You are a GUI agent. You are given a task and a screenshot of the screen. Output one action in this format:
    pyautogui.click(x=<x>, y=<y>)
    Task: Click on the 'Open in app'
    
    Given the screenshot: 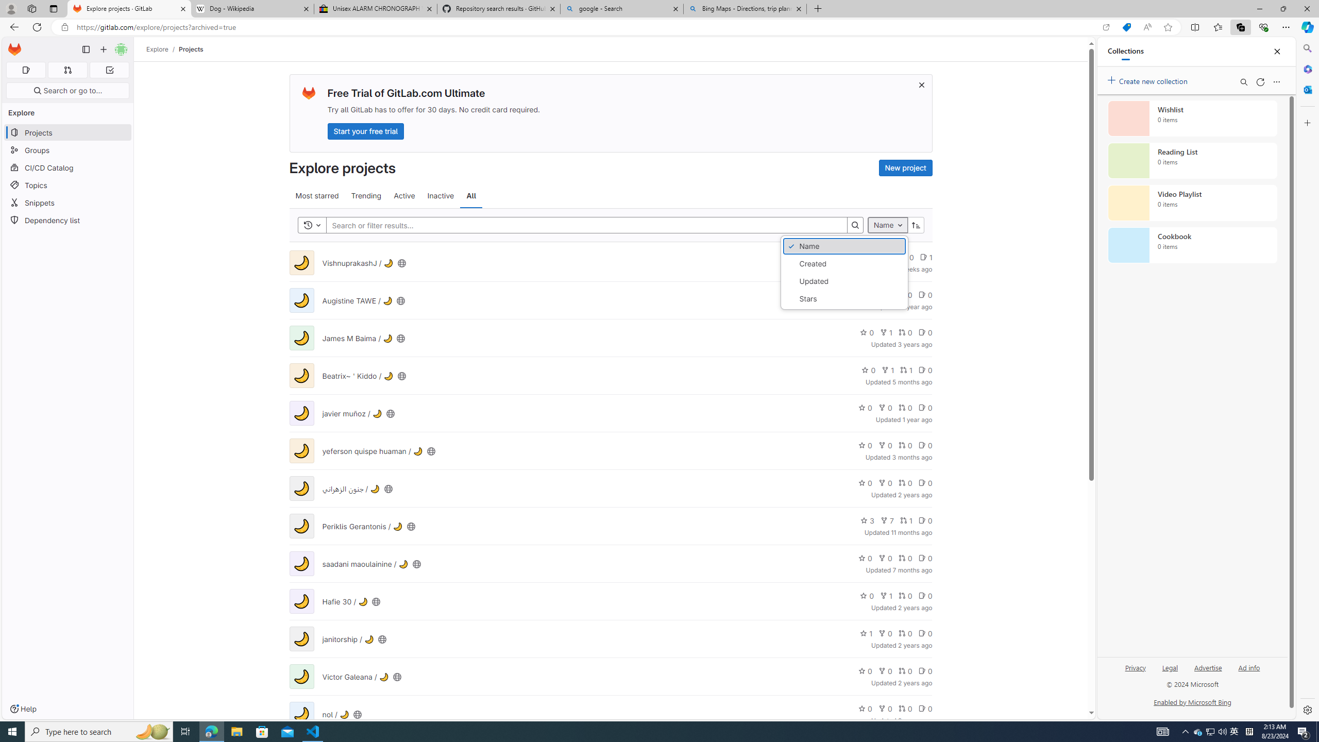 What is the action you would take?
    pyautogui.click(x=1105, y=27)
    